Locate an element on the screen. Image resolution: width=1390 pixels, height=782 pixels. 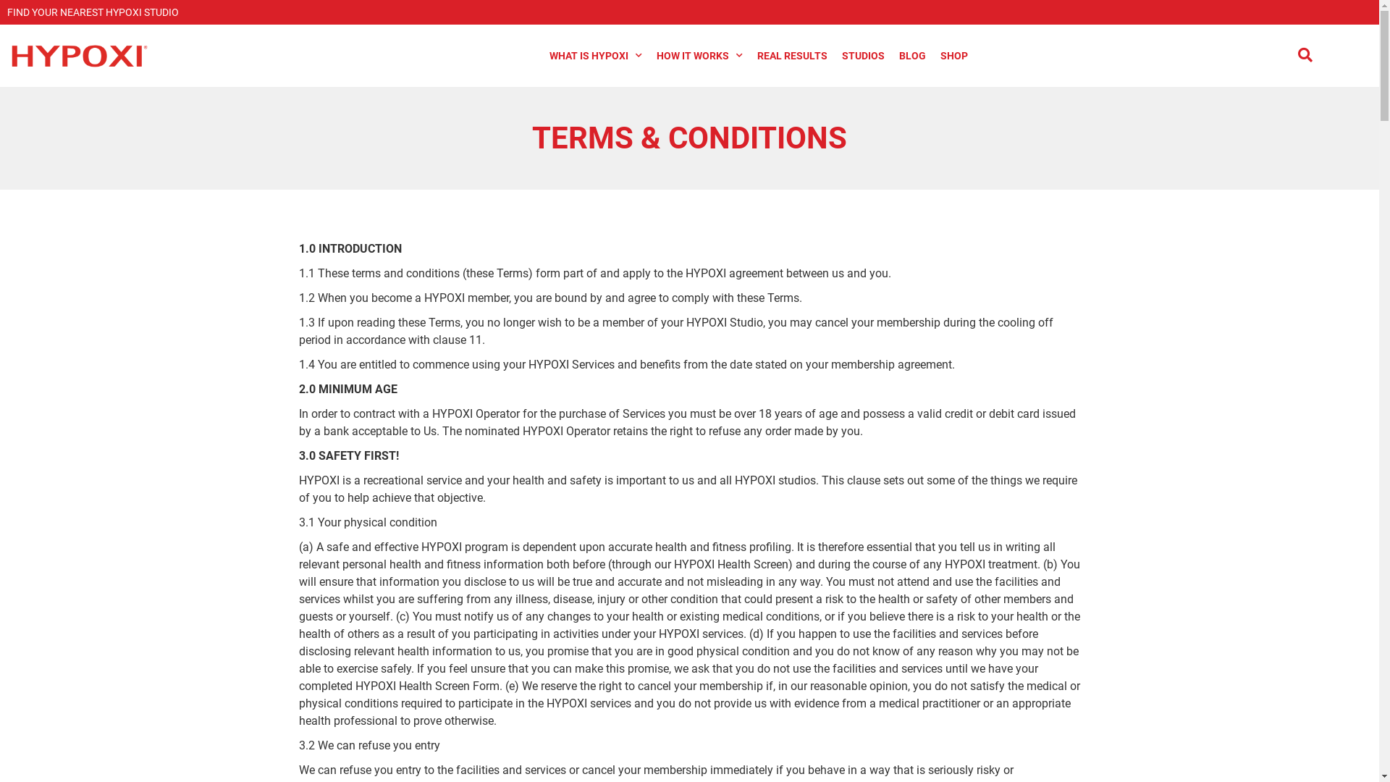
'HOW IT WORKS' is located at coordinates (699, 55).